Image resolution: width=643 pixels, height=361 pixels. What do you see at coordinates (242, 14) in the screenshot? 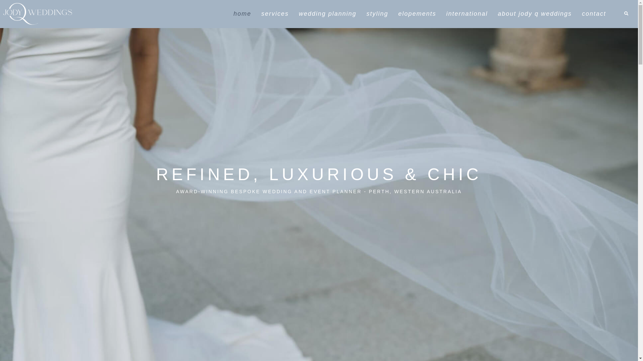
I see `'home'` at bounding box center [242, 14].